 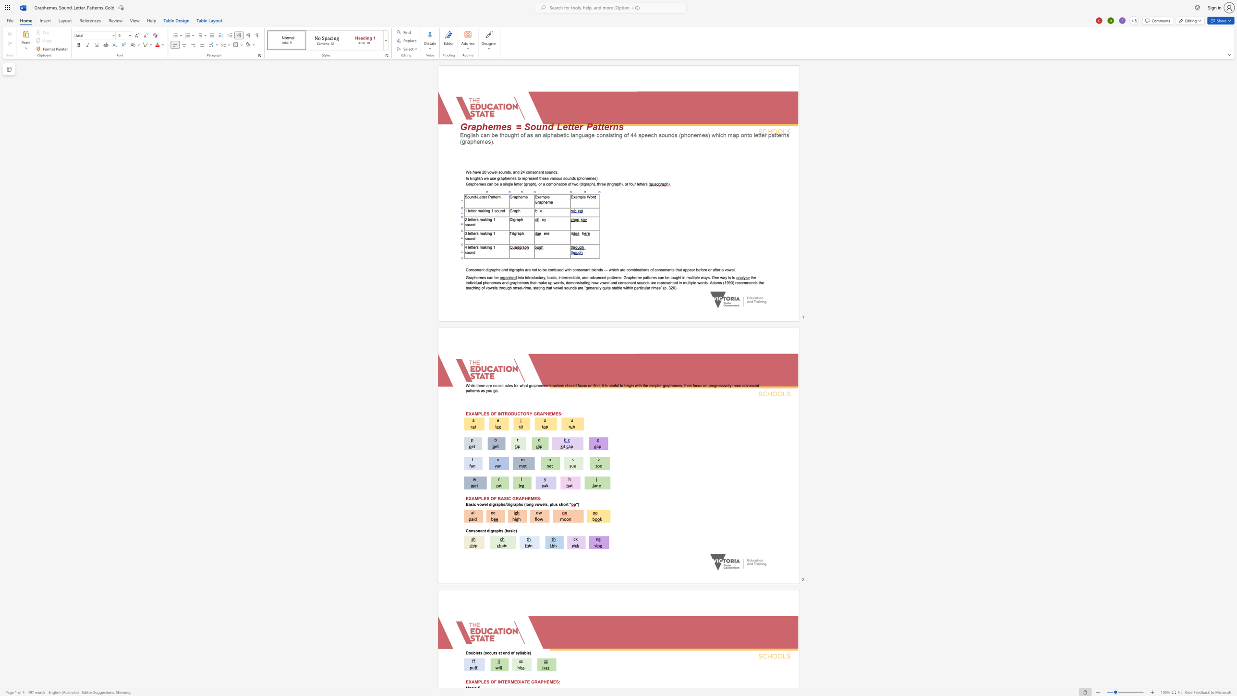 I want to click on the 10th character "o" in the text, so click(x=651, y=269).